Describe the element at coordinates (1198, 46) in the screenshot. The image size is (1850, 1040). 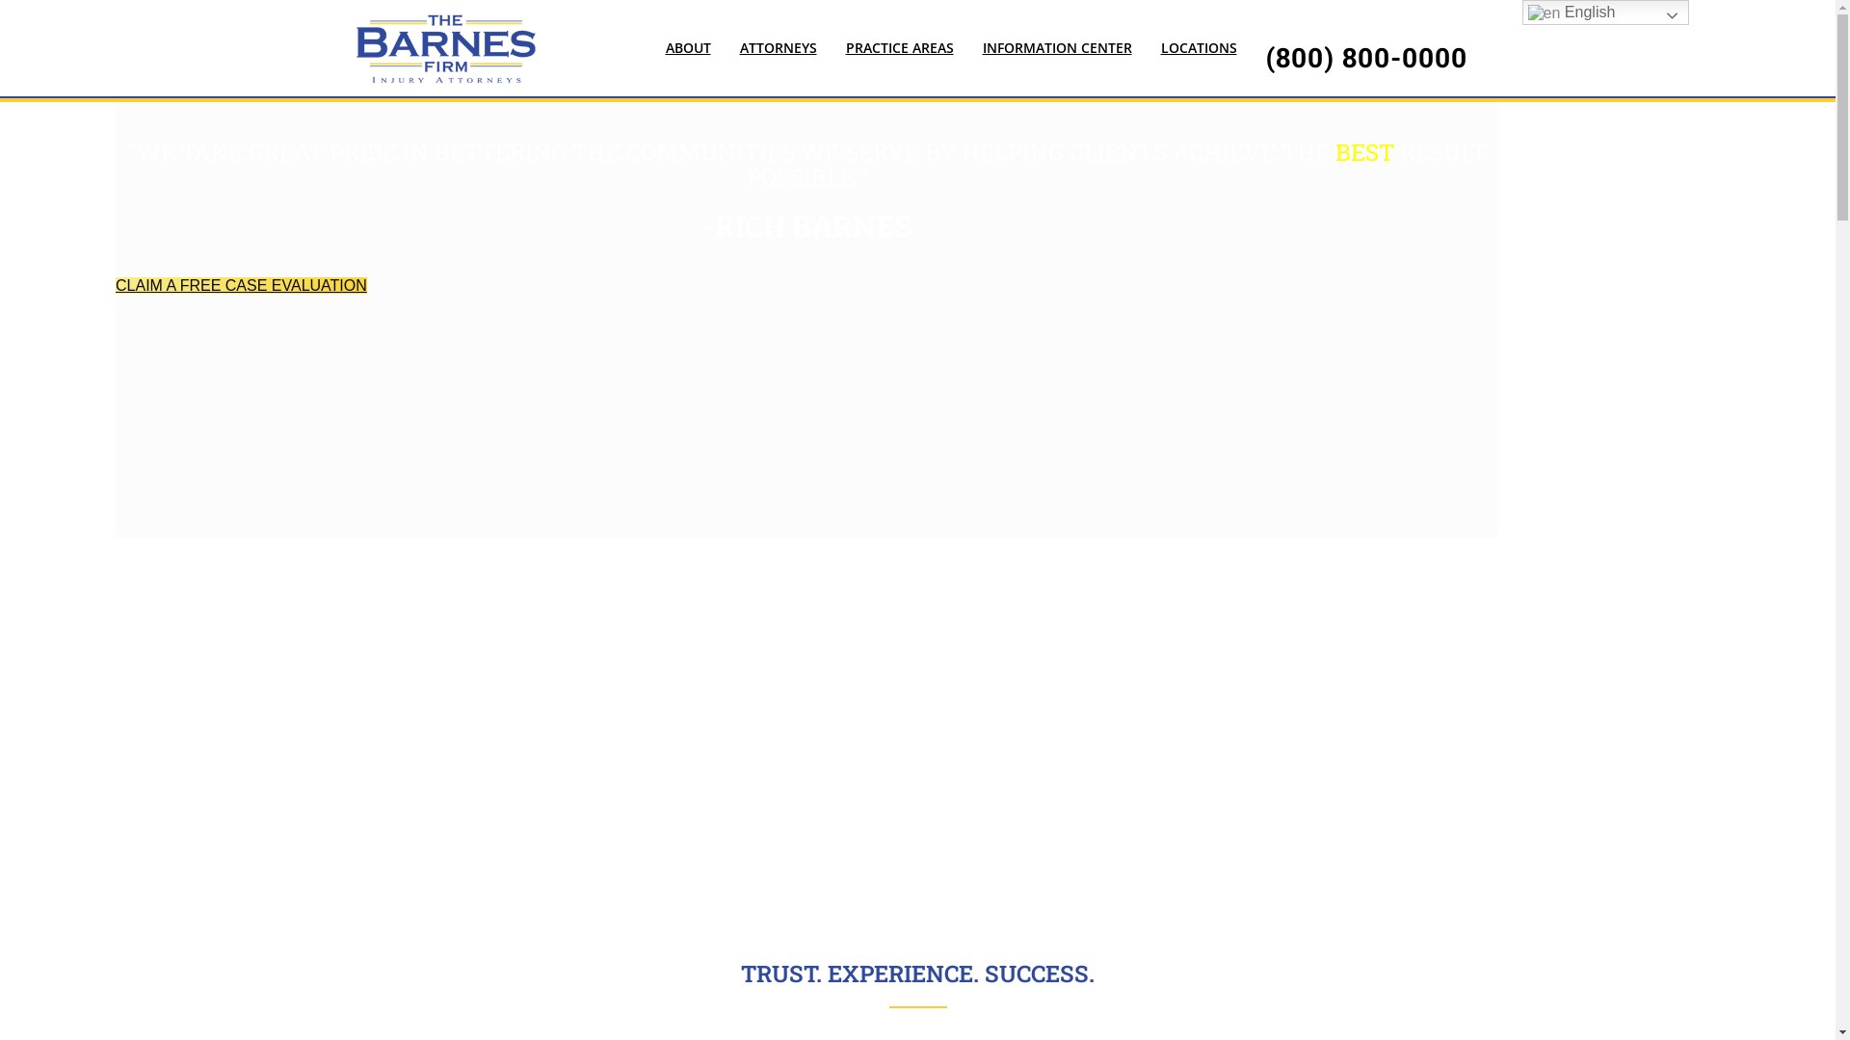
I see `'LOCATIONS'` at that location.